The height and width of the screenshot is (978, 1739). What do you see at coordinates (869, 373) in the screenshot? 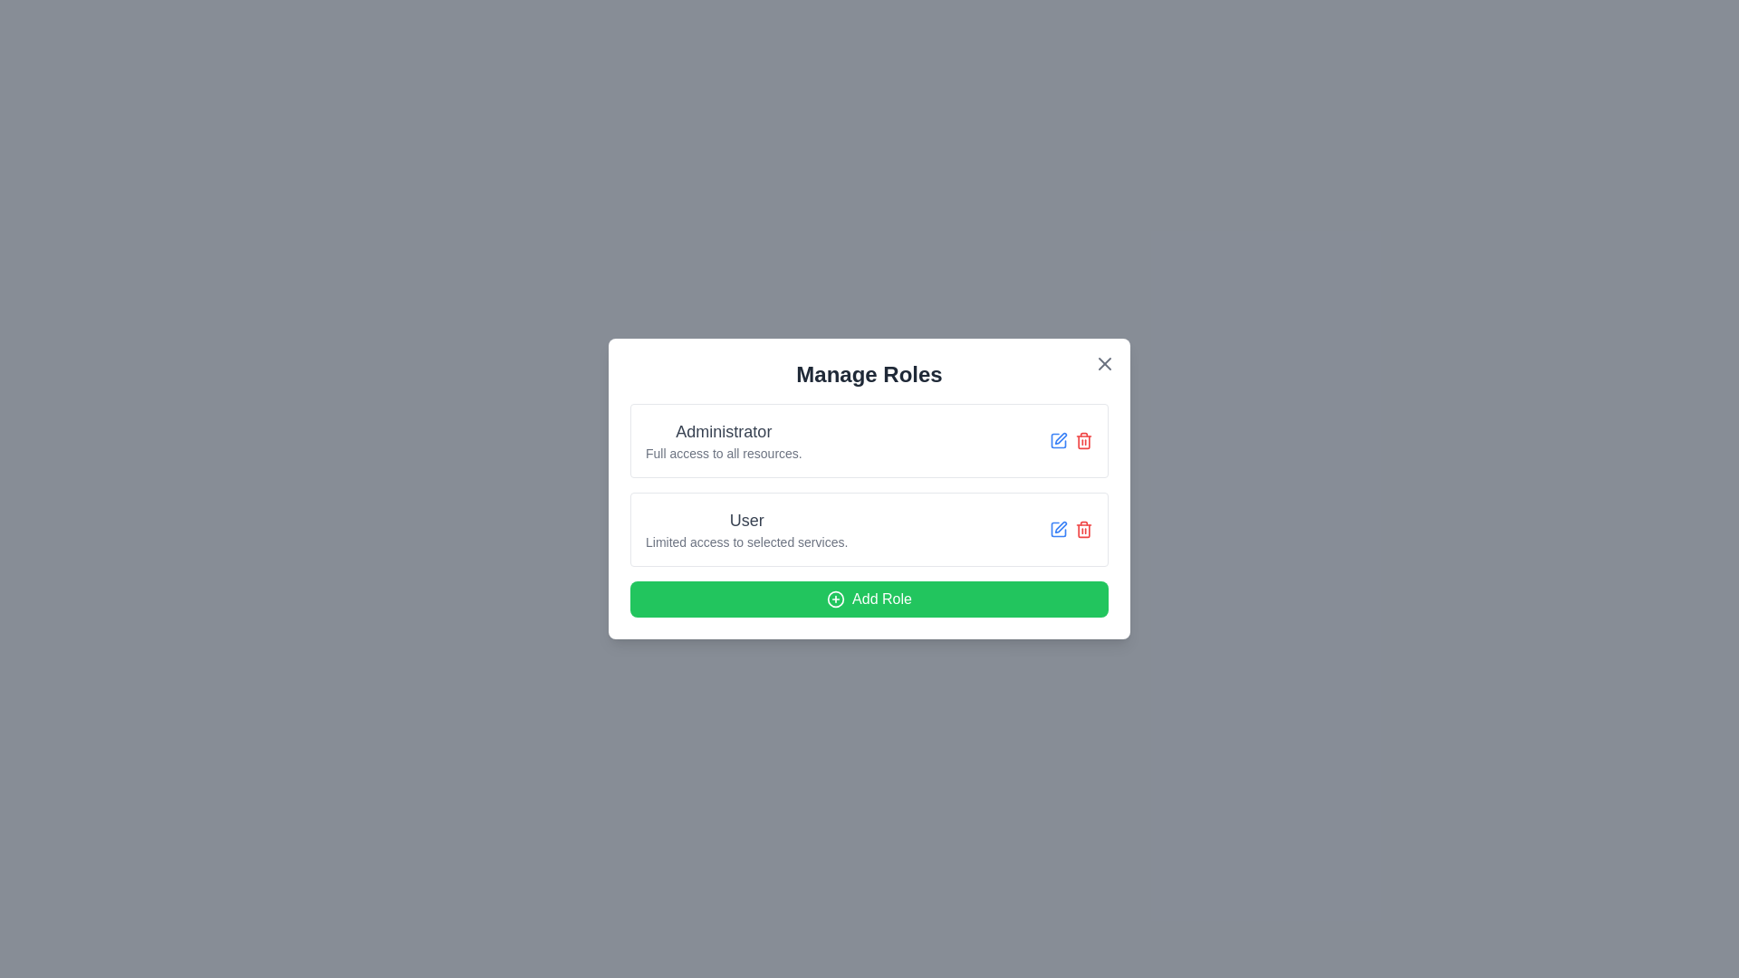
I see `the heading text display element at the top of the modal dialog that provides context for managing user roles` at bounding box center [869, 373].